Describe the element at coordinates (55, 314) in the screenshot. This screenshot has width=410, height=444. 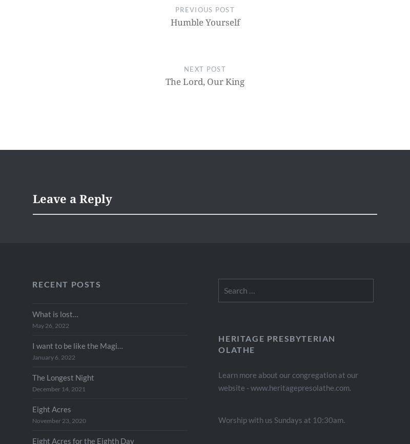
I see `'What is lost…'` at that location.